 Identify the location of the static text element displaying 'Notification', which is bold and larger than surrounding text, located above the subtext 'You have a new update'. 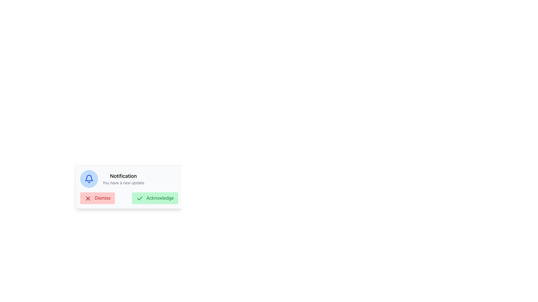
(123, 176).